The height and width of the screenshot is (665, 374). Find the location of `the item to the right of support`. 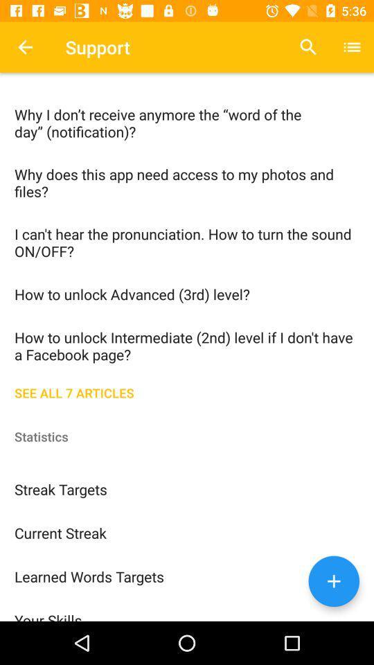

the item to the right of support is located at coordinates (308, 47).